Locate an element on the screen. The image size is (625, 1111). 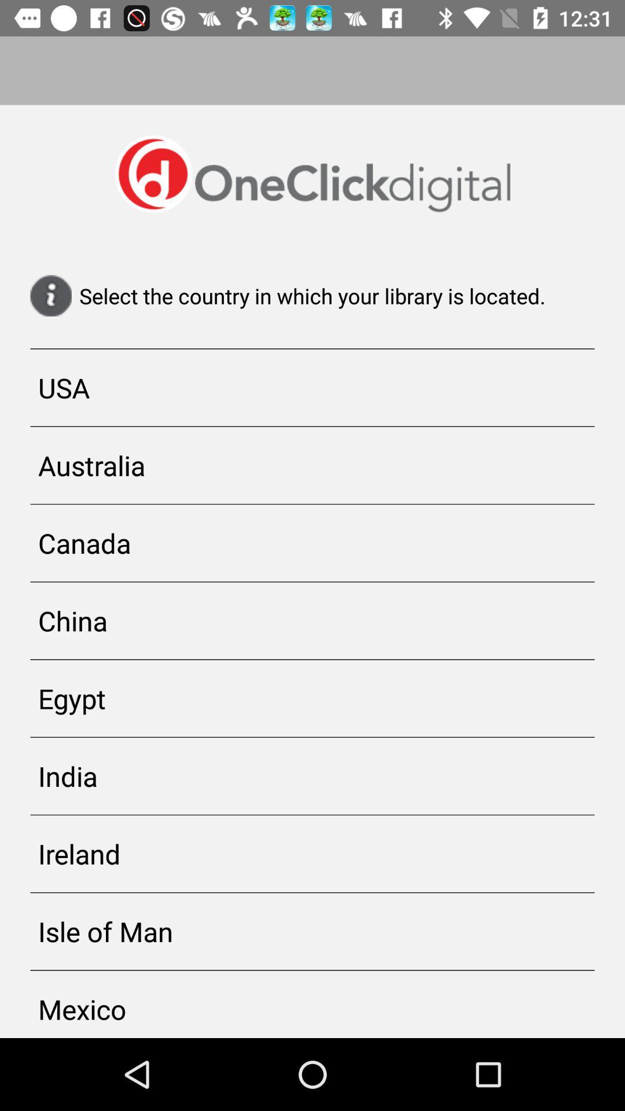
app below ireland app is located at coordinates (312, 931).